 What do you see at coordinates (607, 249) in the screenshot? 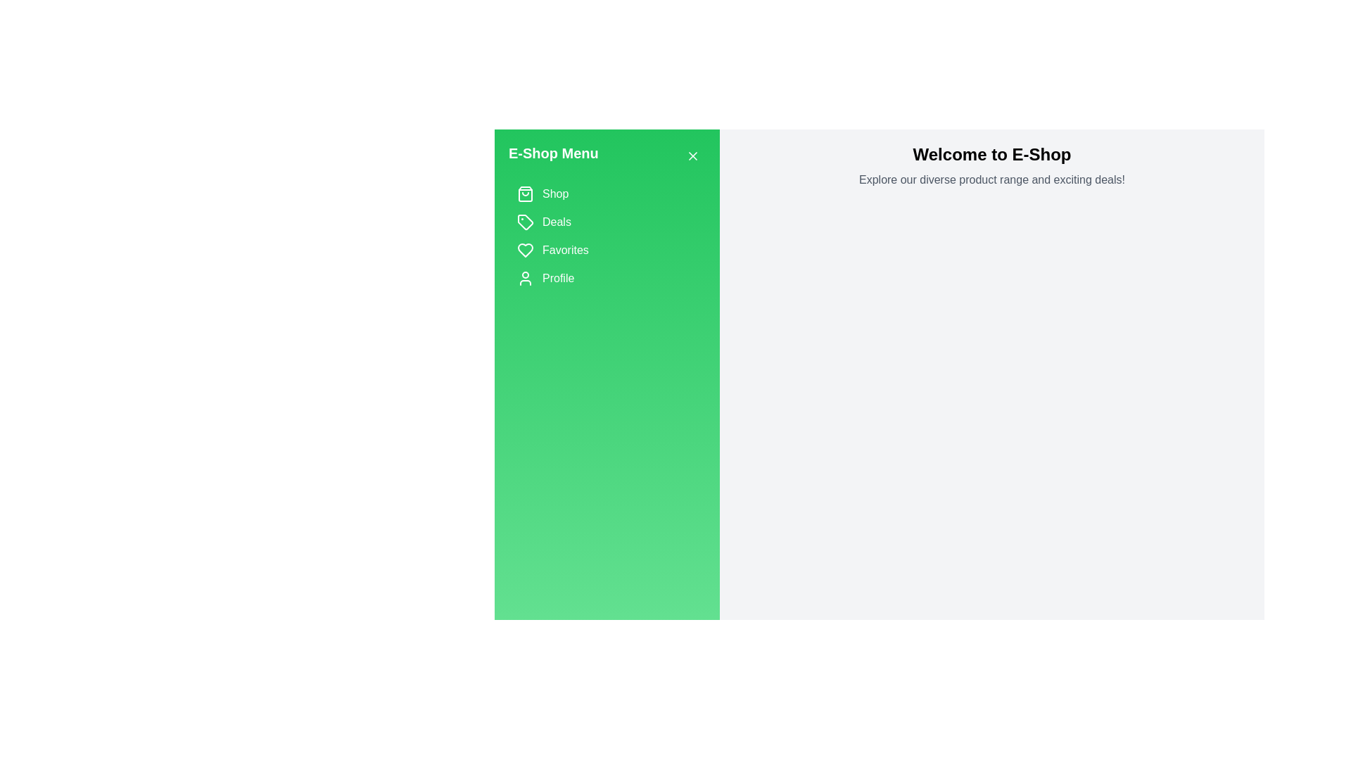
I see `the category item labeled Favorites to highlight it` at bounding box center [607, 249].